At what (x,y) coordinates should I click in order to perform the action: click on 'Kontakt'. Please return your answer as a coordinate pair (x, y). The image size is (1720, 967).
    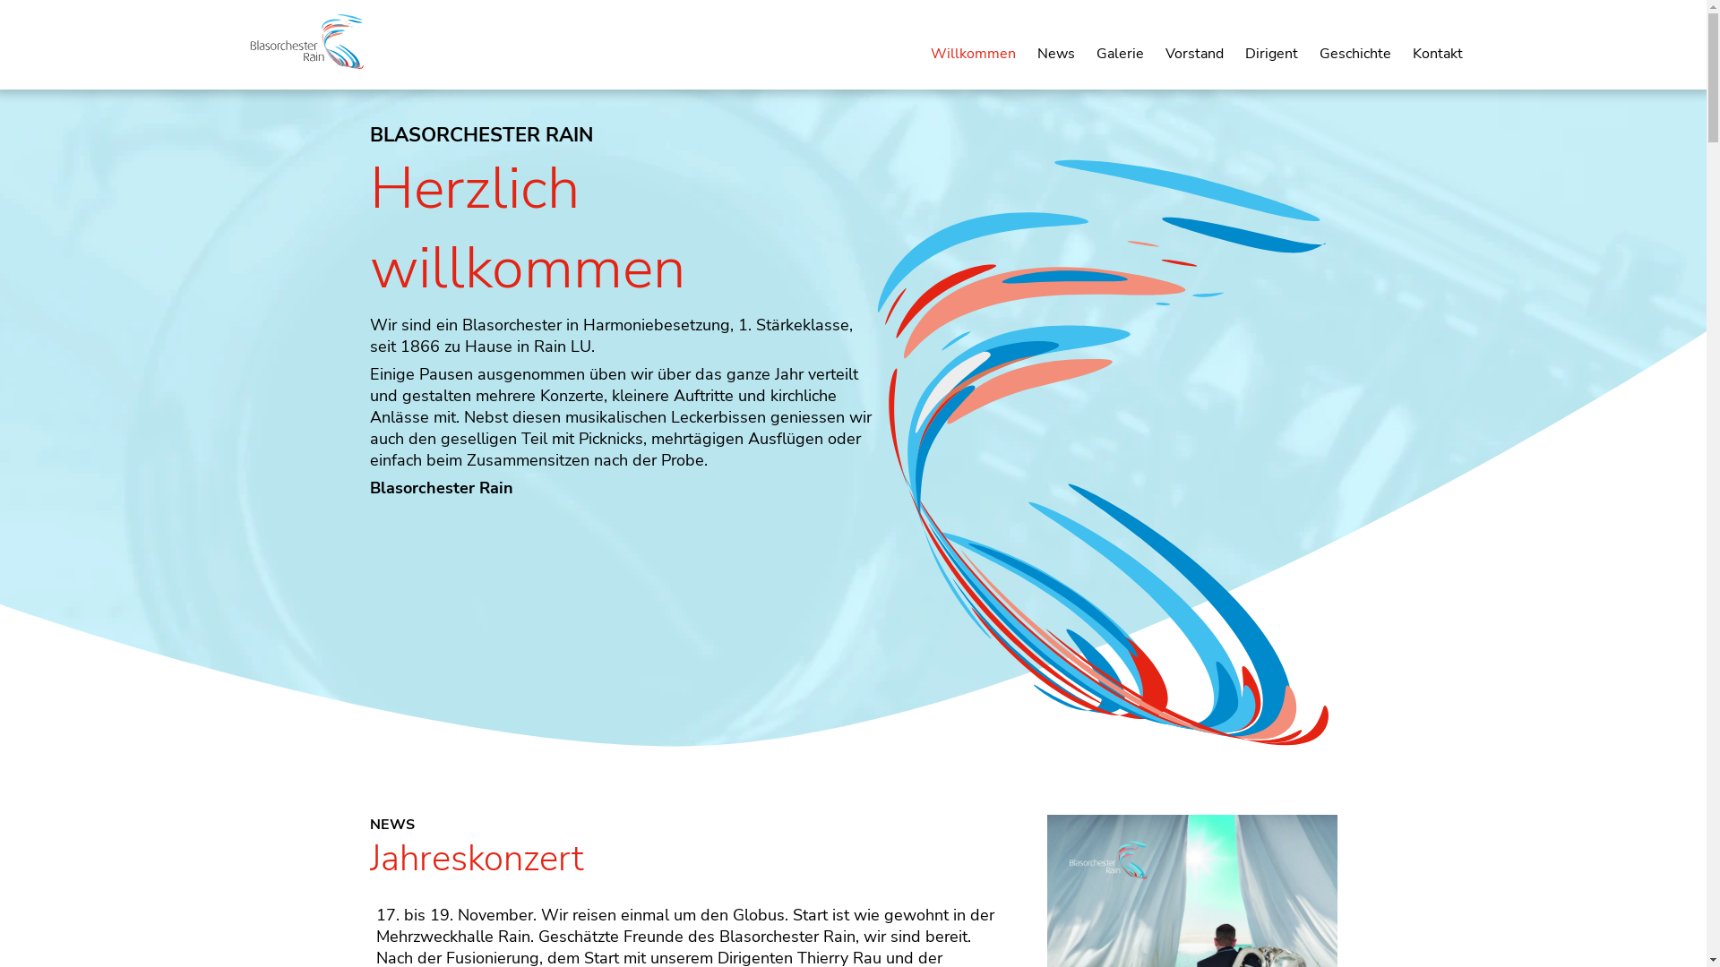
    Looking at the image, I should click on (1436, 53).